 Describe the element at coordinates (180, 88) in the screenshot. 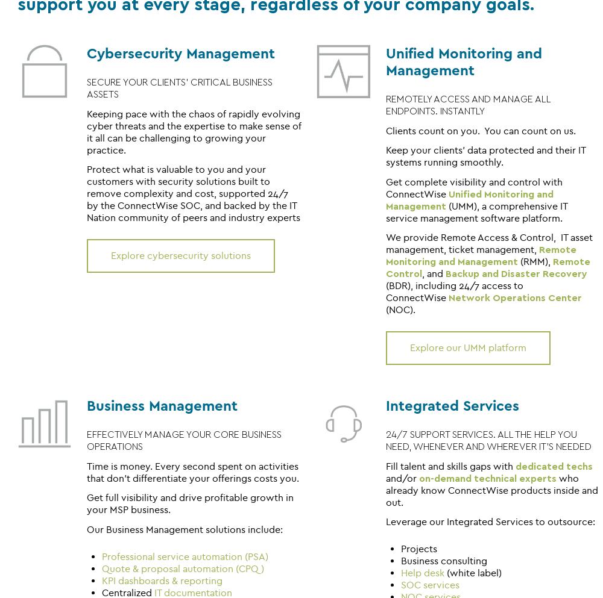

I see `'SECURE YOUR CLIENTS' CRITICAL BUSINESS ASSETS'` at that location.